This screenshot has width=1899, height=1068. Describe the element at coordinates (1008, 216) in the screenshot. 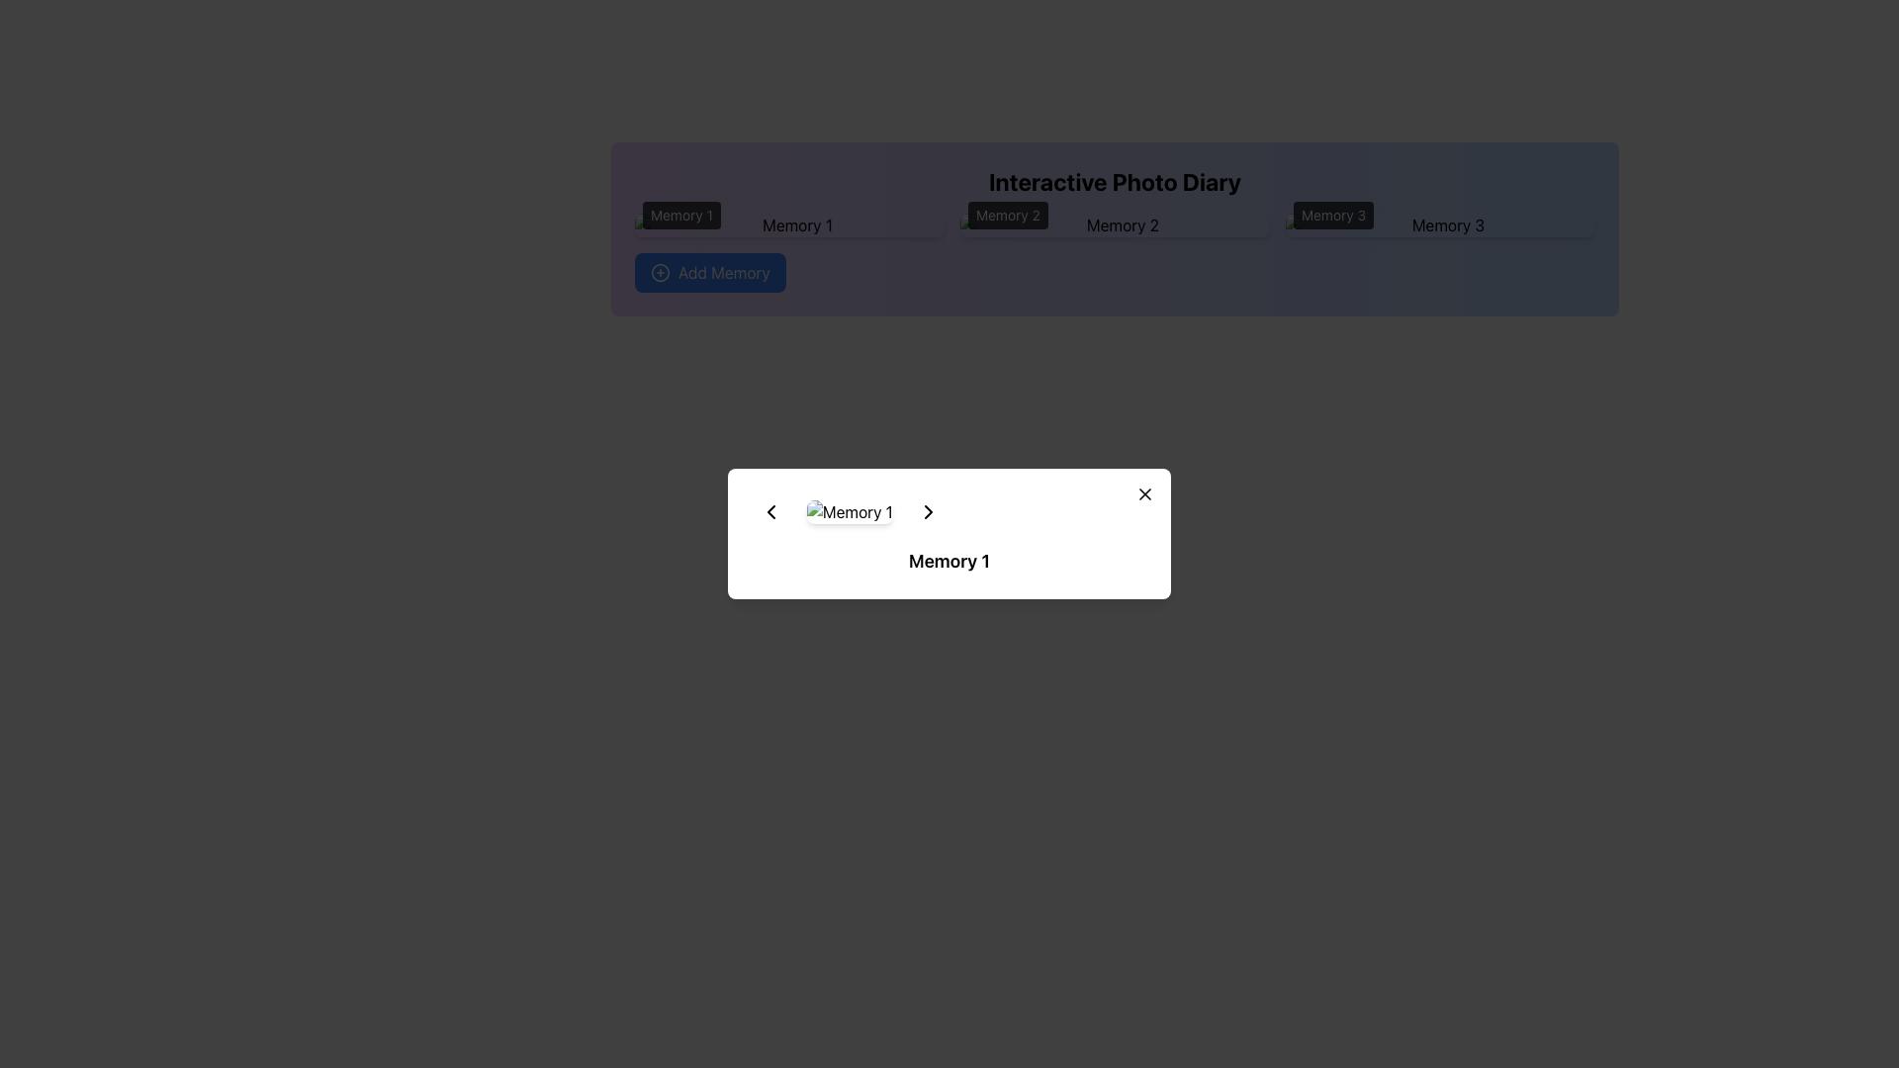

I see `the 'Memory 2' label tag, which has a dark background, white text, and rounded borders, located in the 'Interactive Photo Diary' section below the second thumbnail image` at that location.